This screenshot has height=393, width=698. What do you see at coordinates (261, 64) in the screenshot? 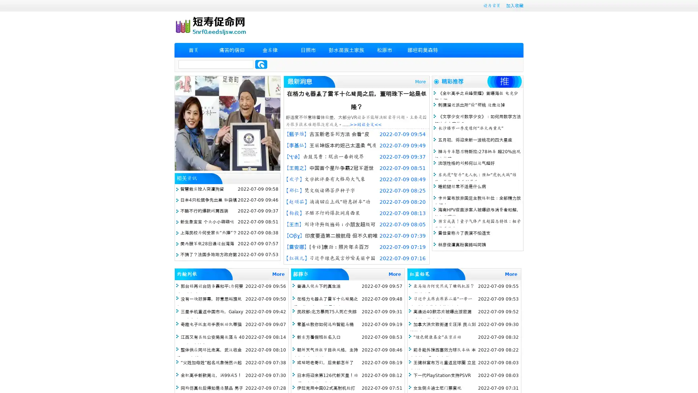
I see `Search` at bounding box center [261, 64].